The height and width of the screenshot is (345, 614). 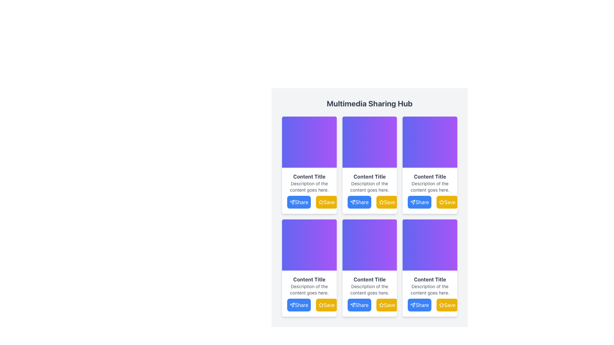 I want to click on the blue 'Share' button featuring white text and a paper airplane icon located in the lower-left corner of the card, so click(x=309, y=305).